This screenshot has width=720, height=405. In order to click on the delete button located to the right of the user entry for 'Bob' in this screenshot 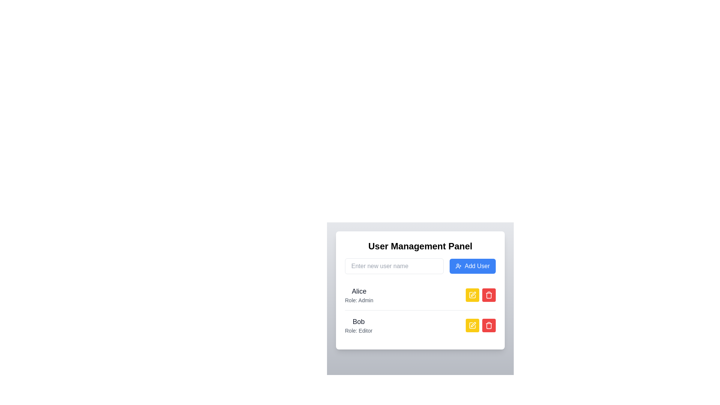, I will do `click(489, 325)`.